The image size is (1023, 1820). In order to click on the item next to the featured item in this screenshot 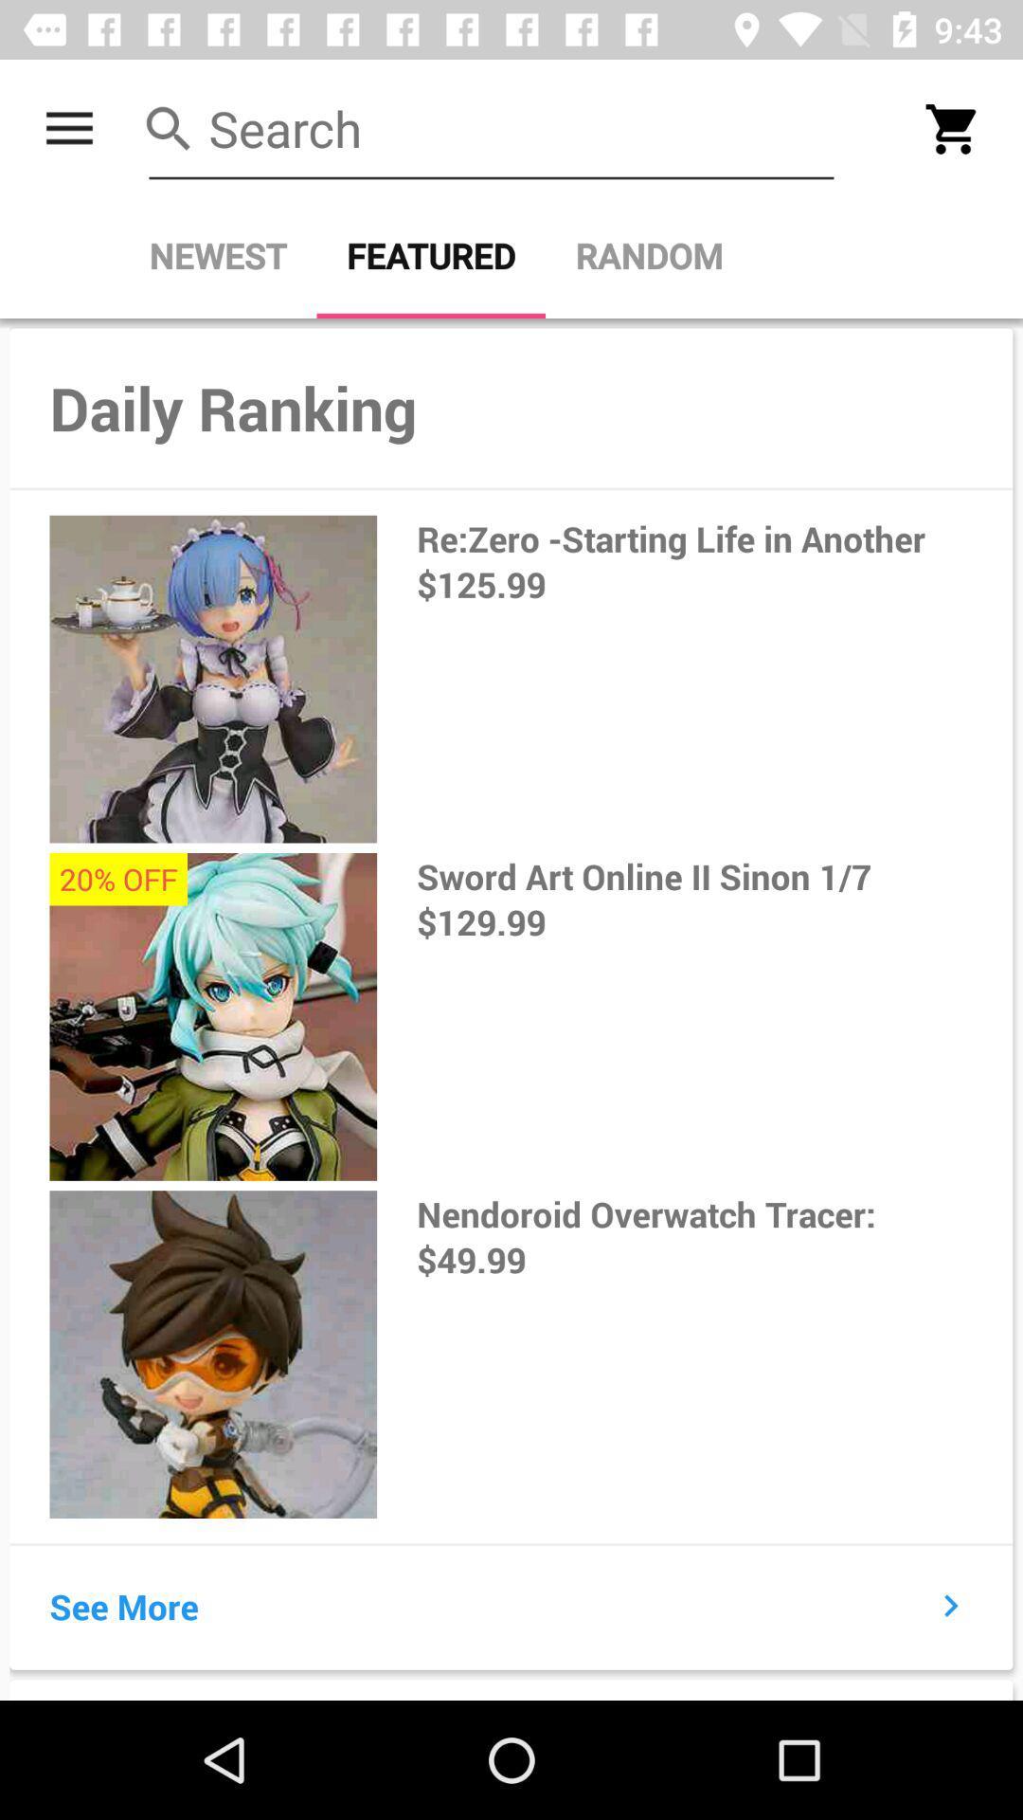, I will do `click(648, 255)`.